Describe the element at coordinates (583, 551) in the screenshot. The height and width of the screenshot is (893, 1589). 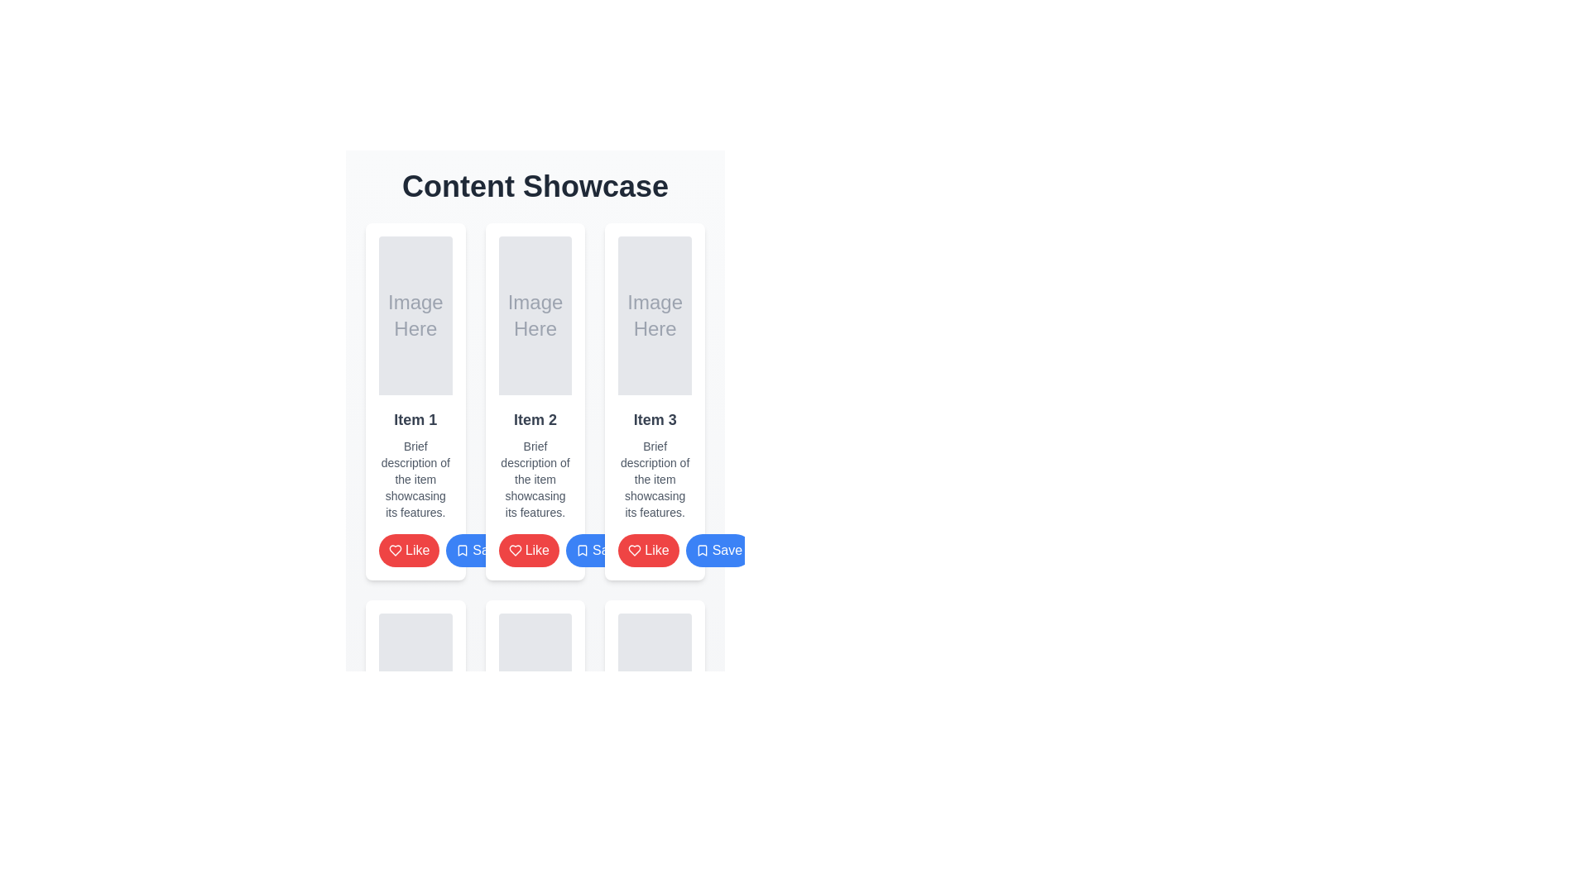
I see `the bookmark-shaped SVG icon within the 'Save' button of the third card in the card-based layout` at that location.